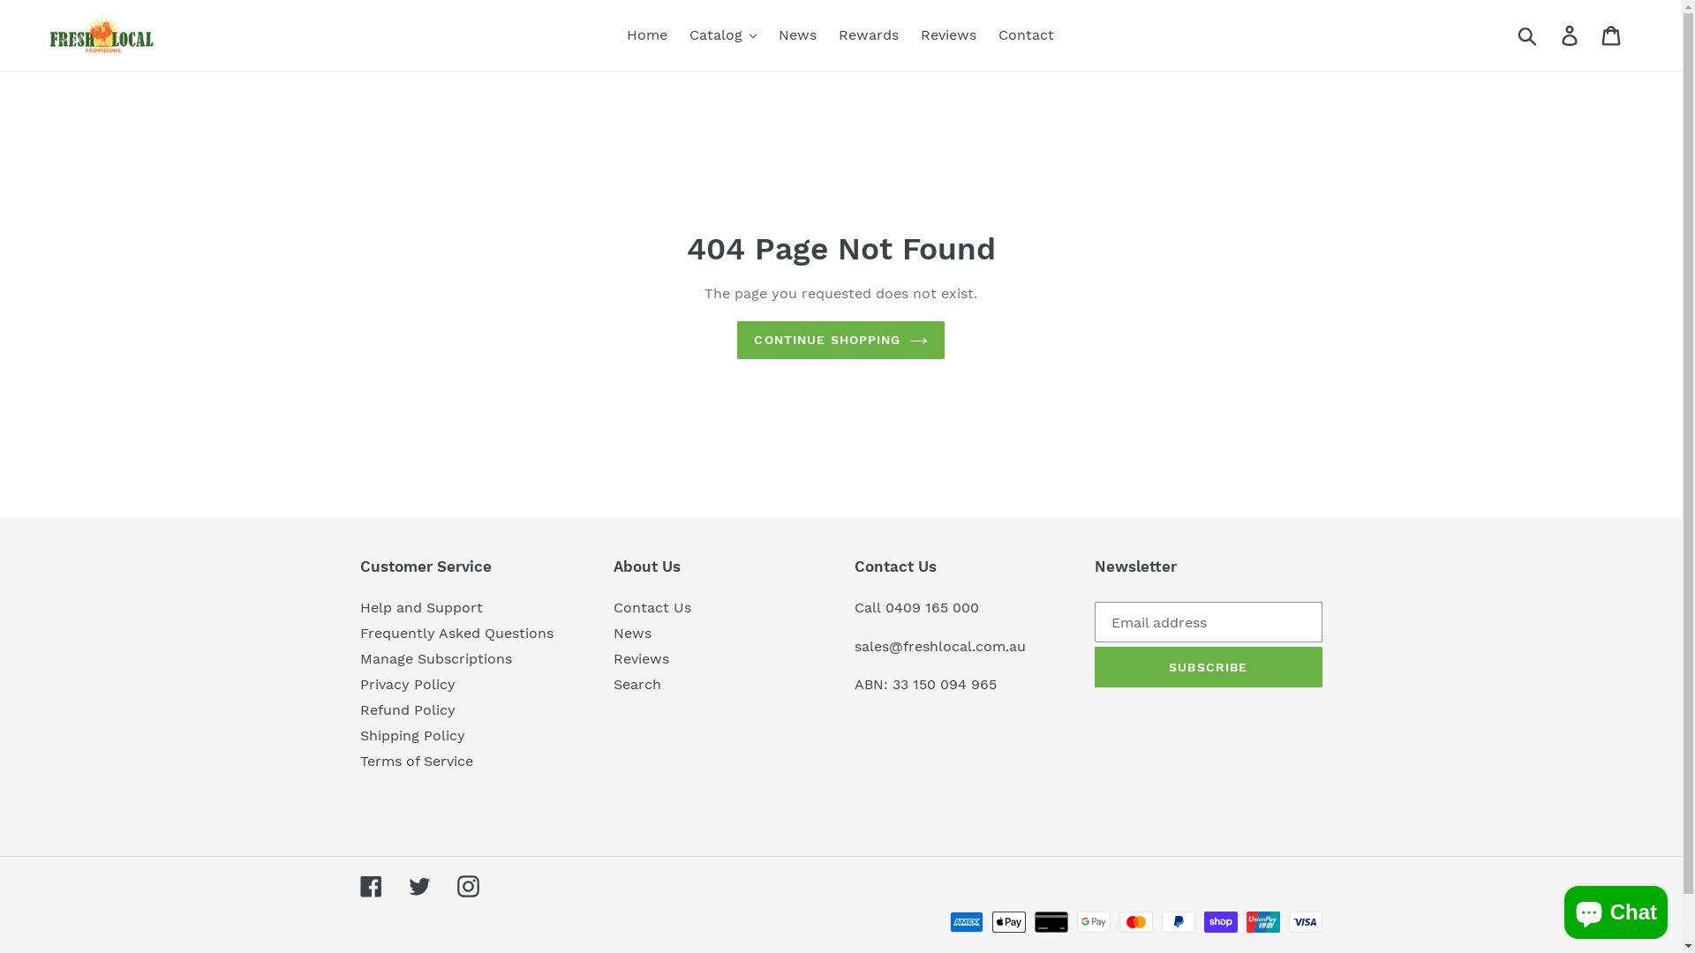 This screenshot has width=1695, height=953. Describe the element at coordinates (436, 658) in the screenshot. I see `'Manage Subscriptions'` at that location.